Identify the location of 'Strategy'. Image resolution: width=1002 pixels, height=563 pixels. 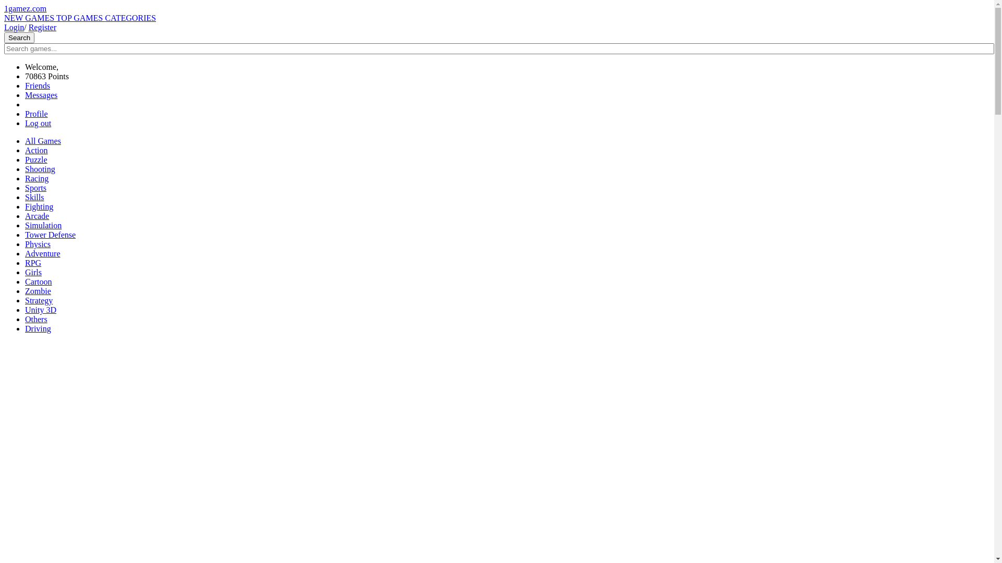
(25, 300).